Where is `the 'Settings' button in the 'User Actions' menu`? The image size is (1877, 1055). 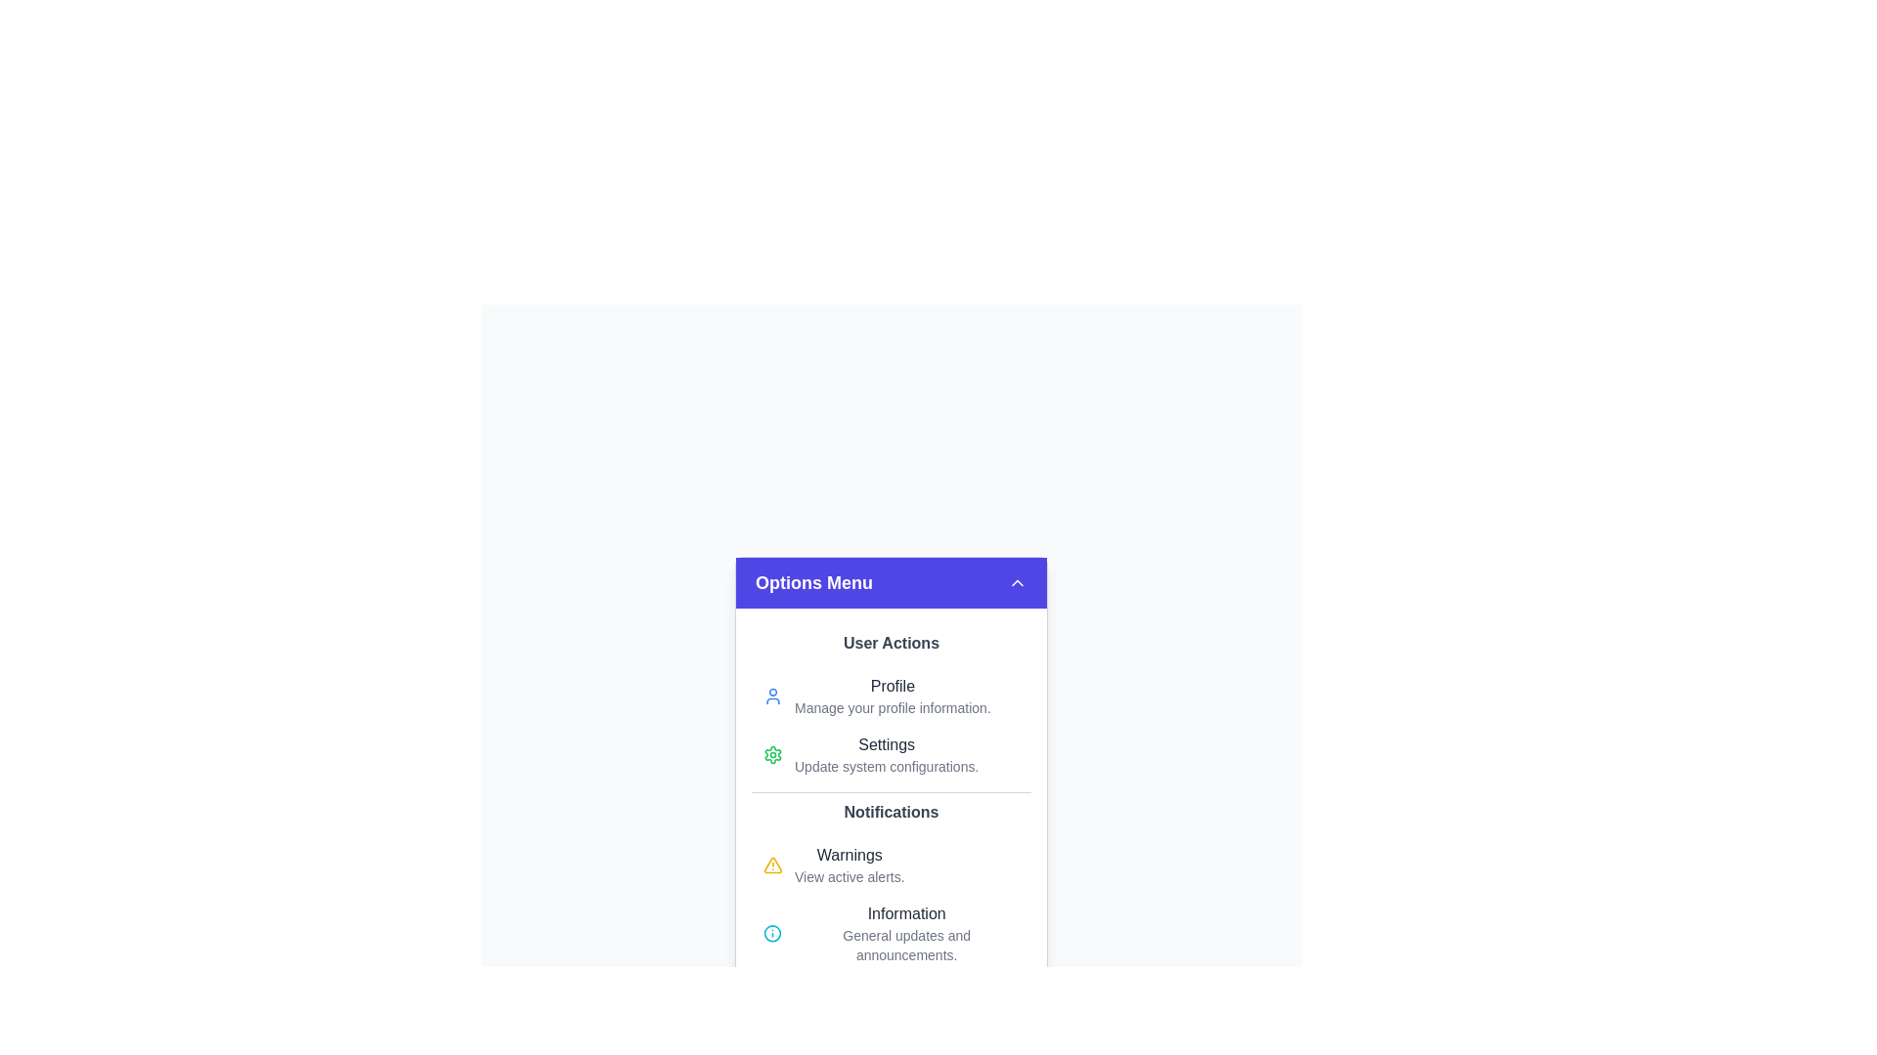 the 'Settings' button in the 'User Actions' menu is located at coordinates (891, 753).